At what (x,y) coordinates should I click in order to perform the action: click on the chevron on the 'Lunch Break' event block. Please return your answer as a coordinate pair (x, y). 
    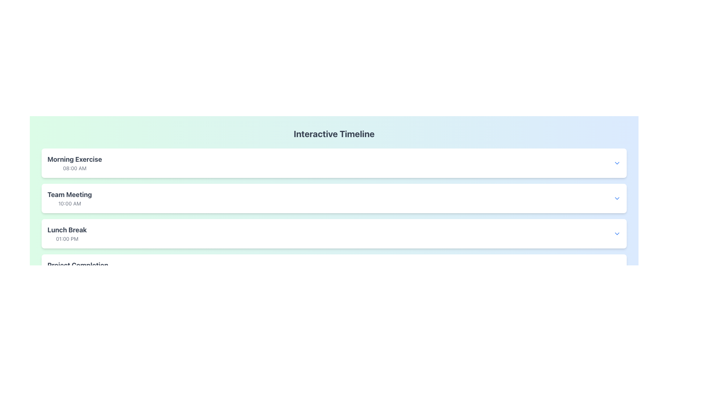
    Looking at the image, I should click on (334, 234).